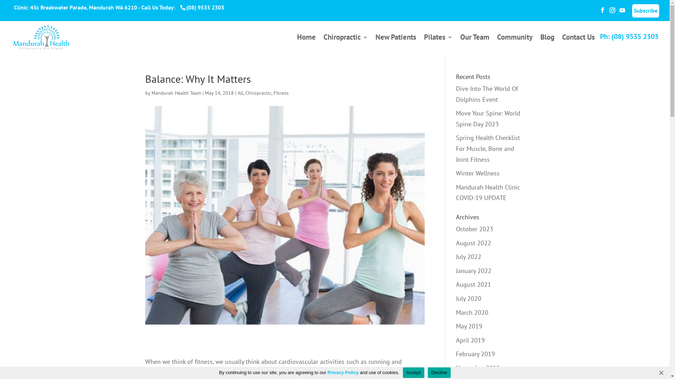 The image size is (675, 379). Describe the element at coordinates (176, 93) in the screenshot. I see `'Mandurah Health Team'` at that location.